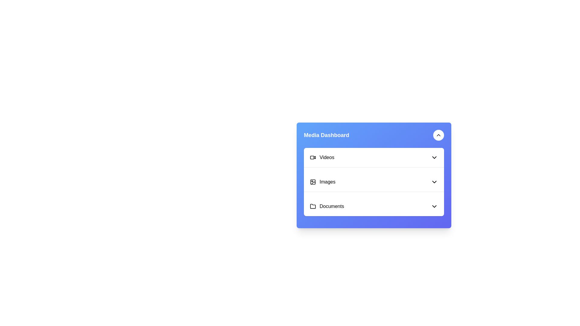  Describe the element at coordinates (374, 206) in the screenshot. I see `the 'Documents' navigation menu item, which is the third item in the vertical menu list` at that location.